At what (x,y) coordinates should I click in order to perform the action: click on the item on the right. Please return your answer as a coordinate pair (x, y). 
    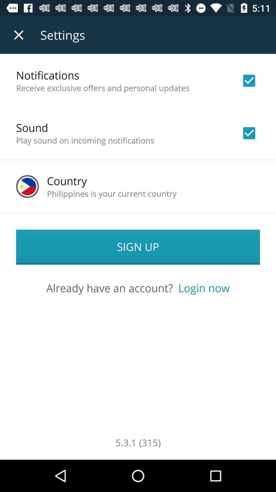
    Looking at the image, I should click on (204, 288).